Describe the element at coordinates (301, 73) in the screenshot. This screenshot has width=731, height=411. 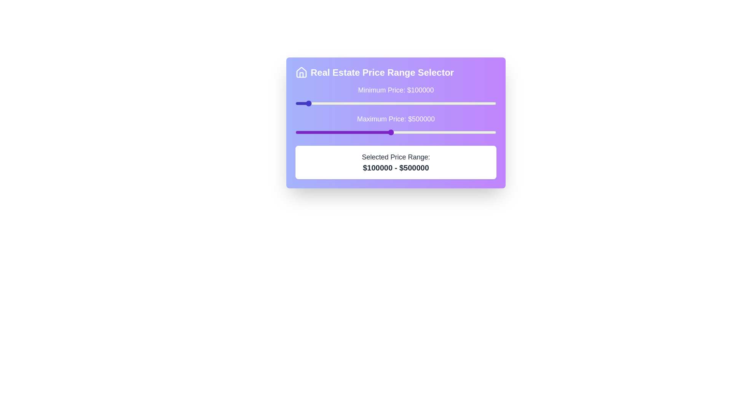
I see `the house icon next to the heading` at that location.